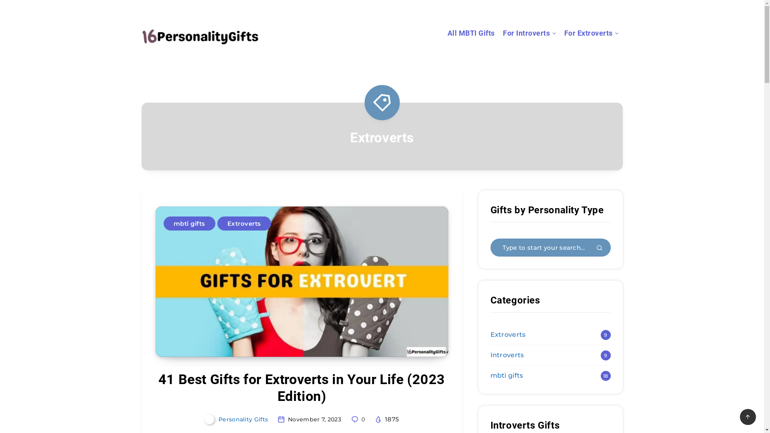  I want to click on 'For Extroverts', so click(588, 34).